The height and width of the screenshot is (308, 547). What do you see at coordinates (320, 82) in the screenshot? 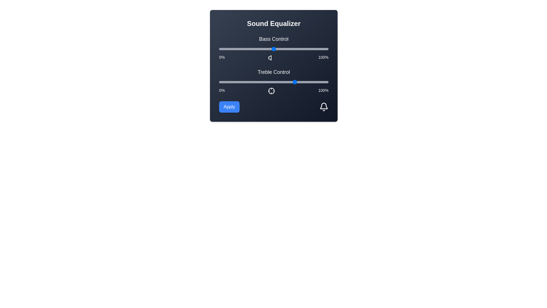
I see `the treble slider to 92%` at bounding box center [320, 82].